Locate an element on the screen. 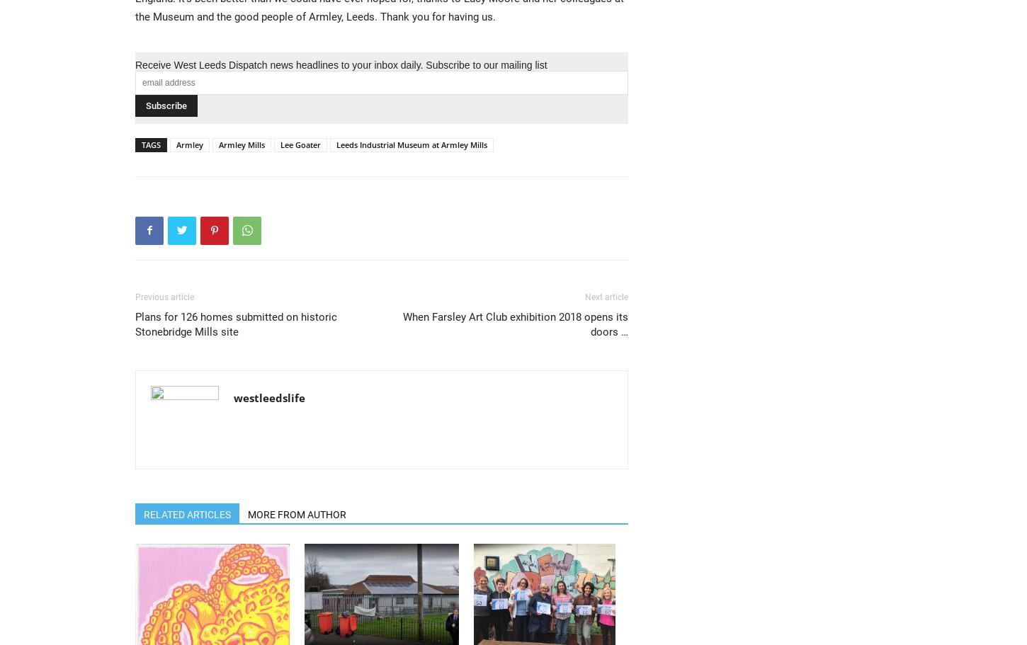  'When Farsley Art Club exhibition 2018 opens its doors …' is located at coordinates (516, 323).